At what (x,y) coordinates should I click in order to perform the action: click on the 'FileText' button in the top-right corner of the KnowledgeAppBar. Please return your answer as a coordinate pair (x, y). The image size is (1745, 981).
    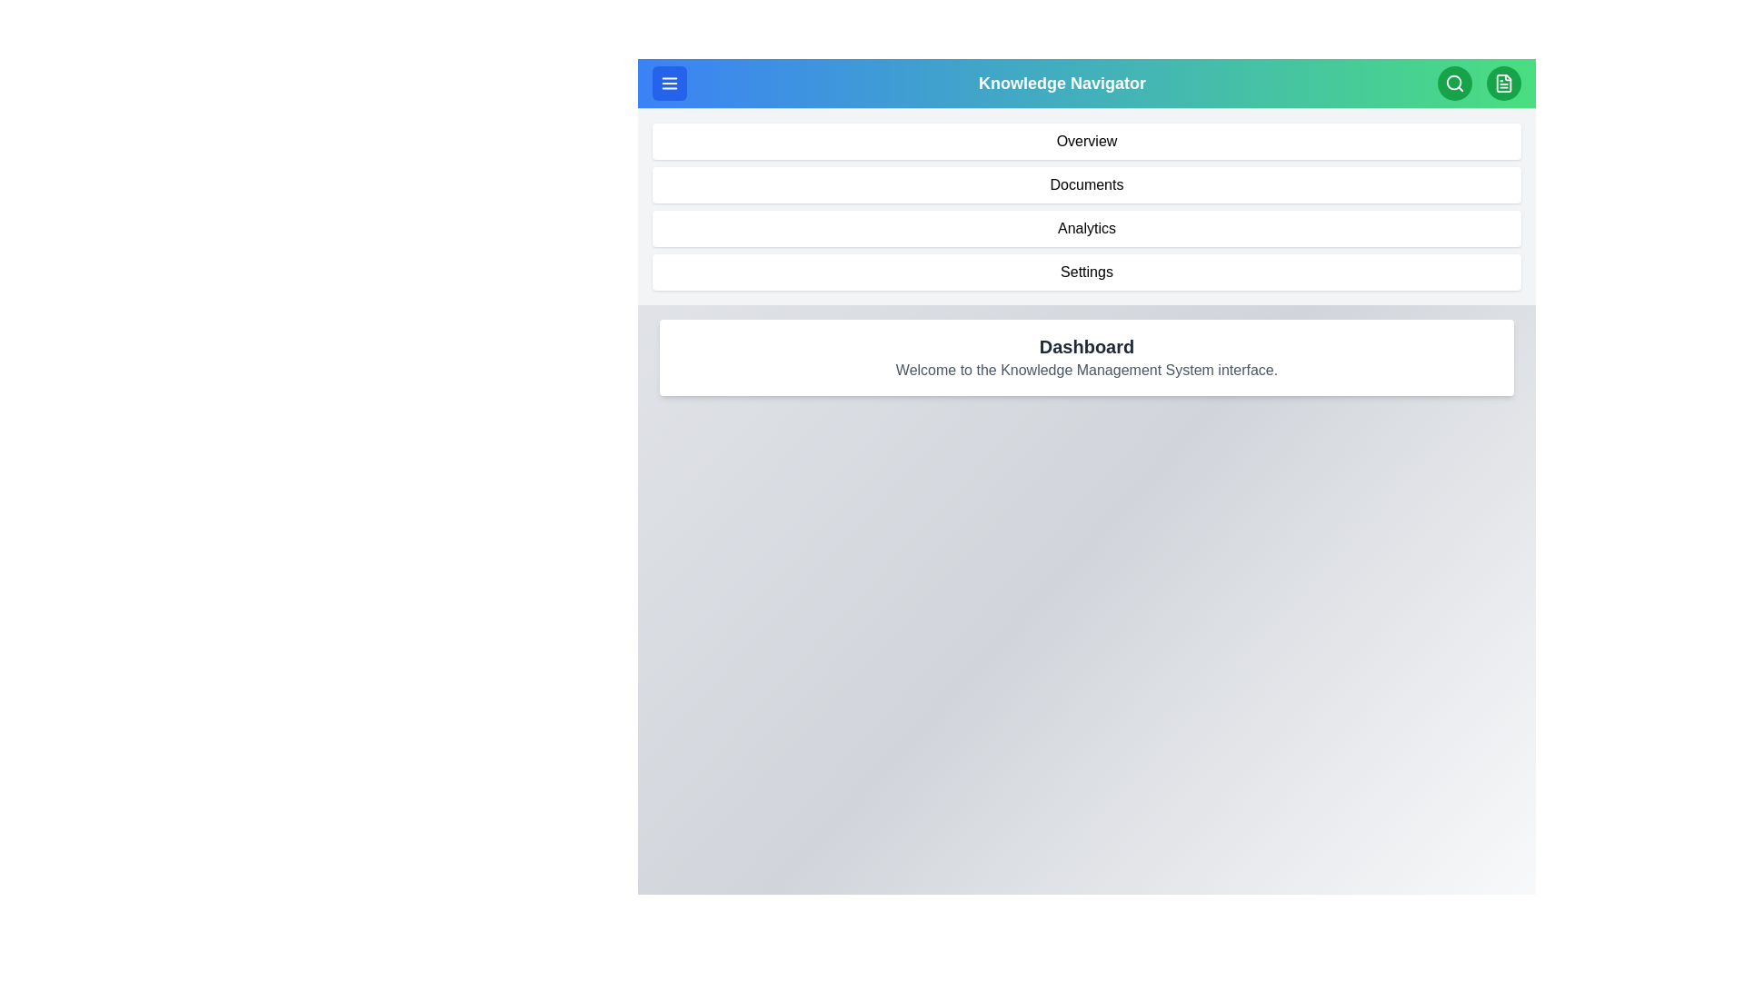
    Looking at the image, I should click on (1504, 84).